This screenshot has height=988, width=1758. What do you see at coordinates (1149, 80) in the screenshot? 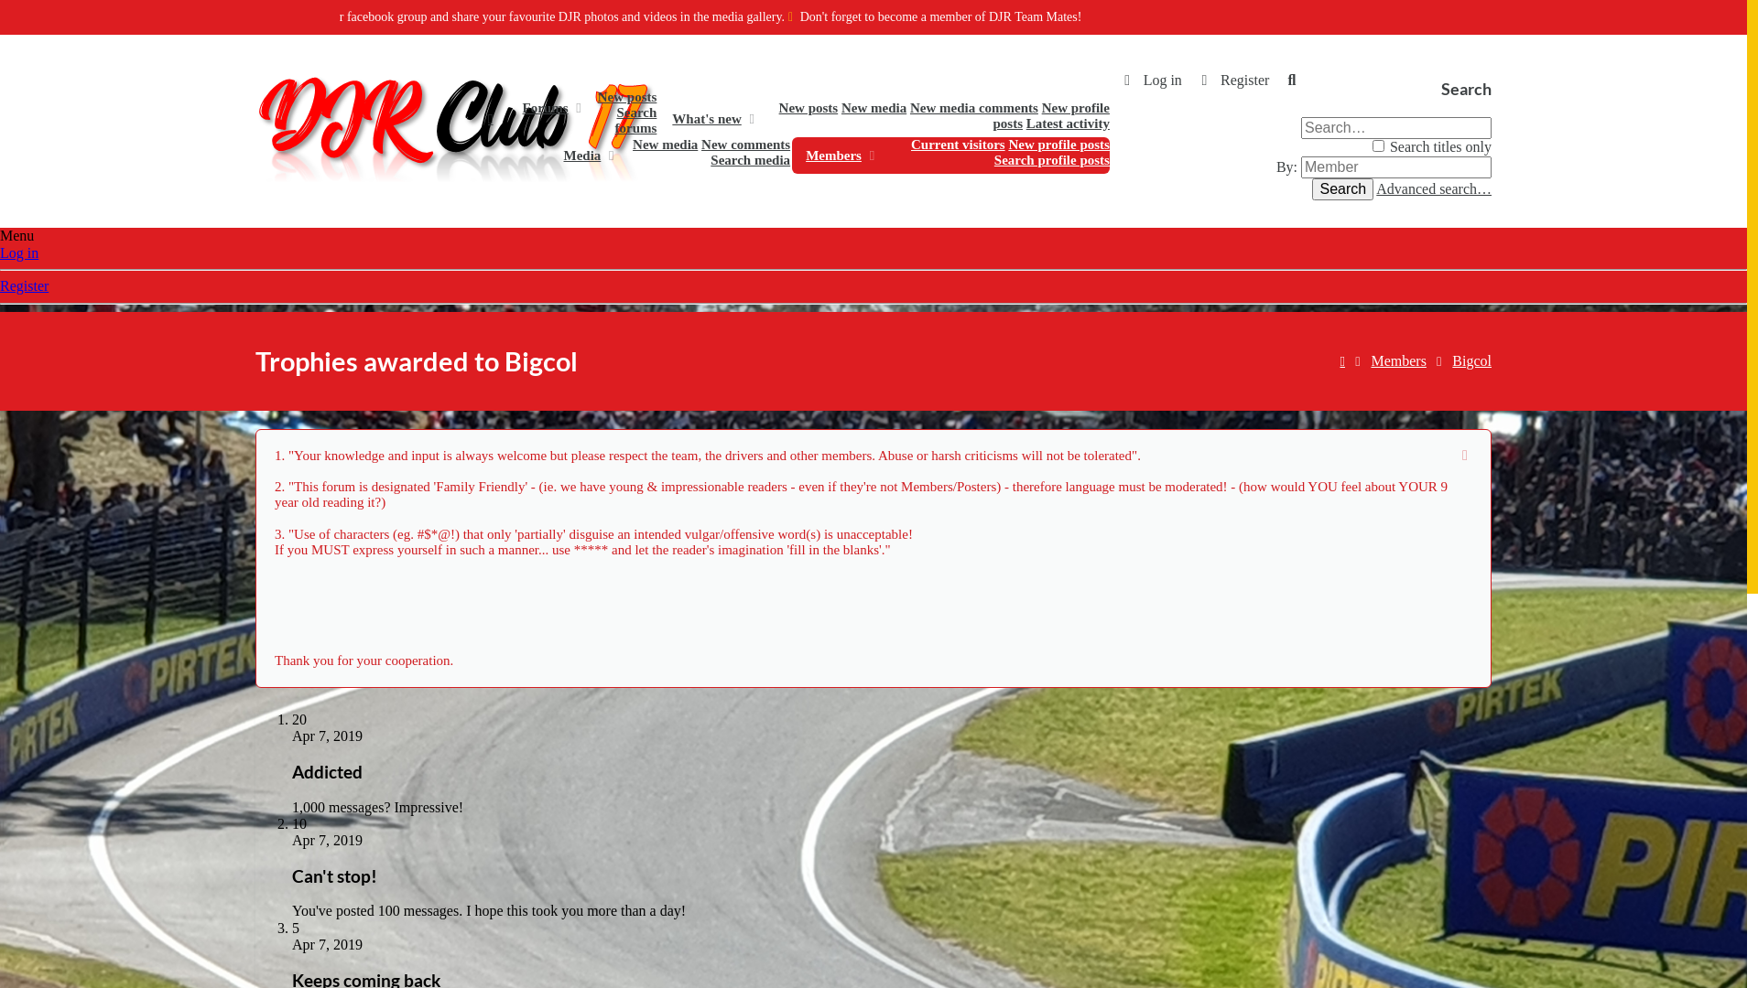
I see `'Log in'` at bounding box center [1149, 80].